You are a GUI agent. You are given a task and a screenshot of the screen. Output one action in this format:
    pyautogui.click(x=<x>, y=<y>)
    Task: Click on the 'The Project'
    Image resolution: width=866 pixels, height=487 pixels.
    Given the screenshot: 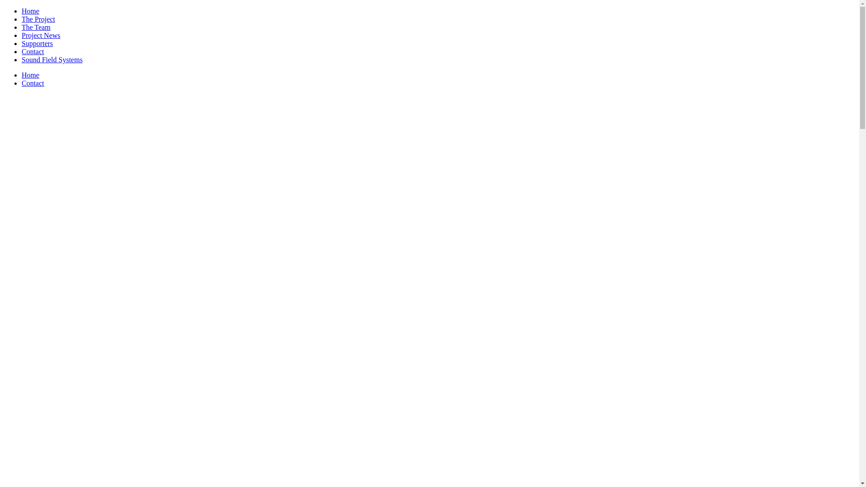 What is the action you would take?
    pyautogui.click(x=38, y=19)
    